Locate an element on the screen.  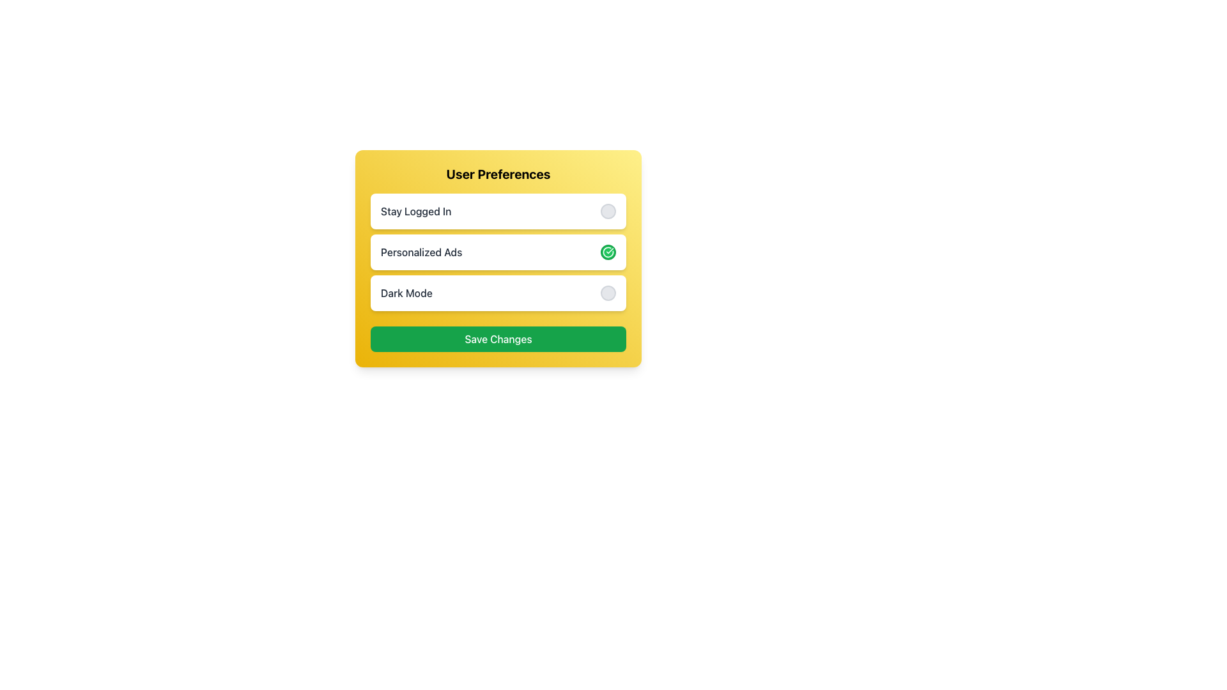
the circular green toggle button with a checkmark icon located to the right of the 'Personalized Ads' label is located at coordinates (607, 252).